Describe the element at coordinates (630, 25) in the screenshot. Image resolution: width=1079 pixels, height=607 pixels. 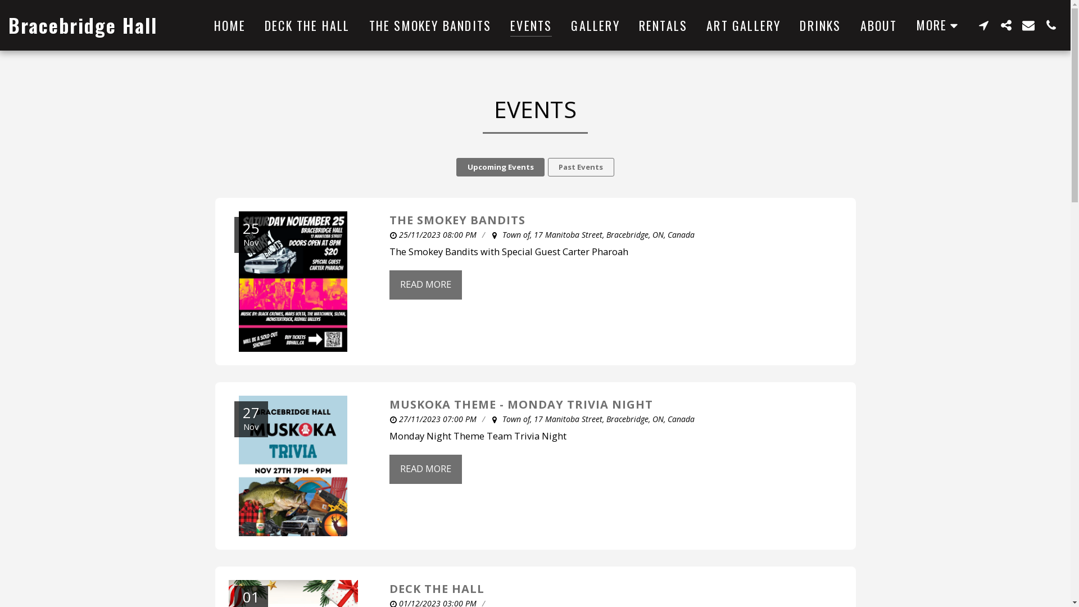
I see `'RENTALS'` at that location.